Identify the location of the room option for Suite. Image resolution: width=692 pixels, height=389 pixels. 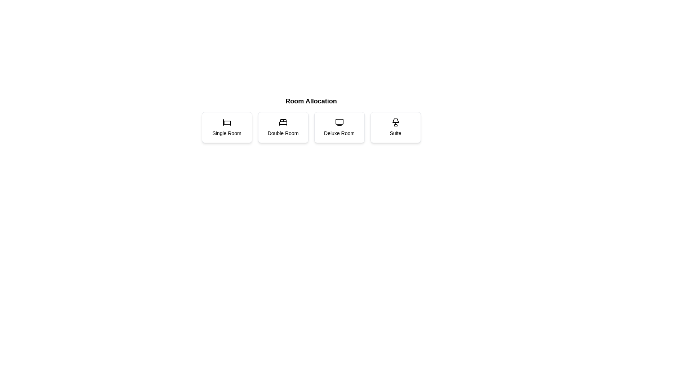
(395, 127).